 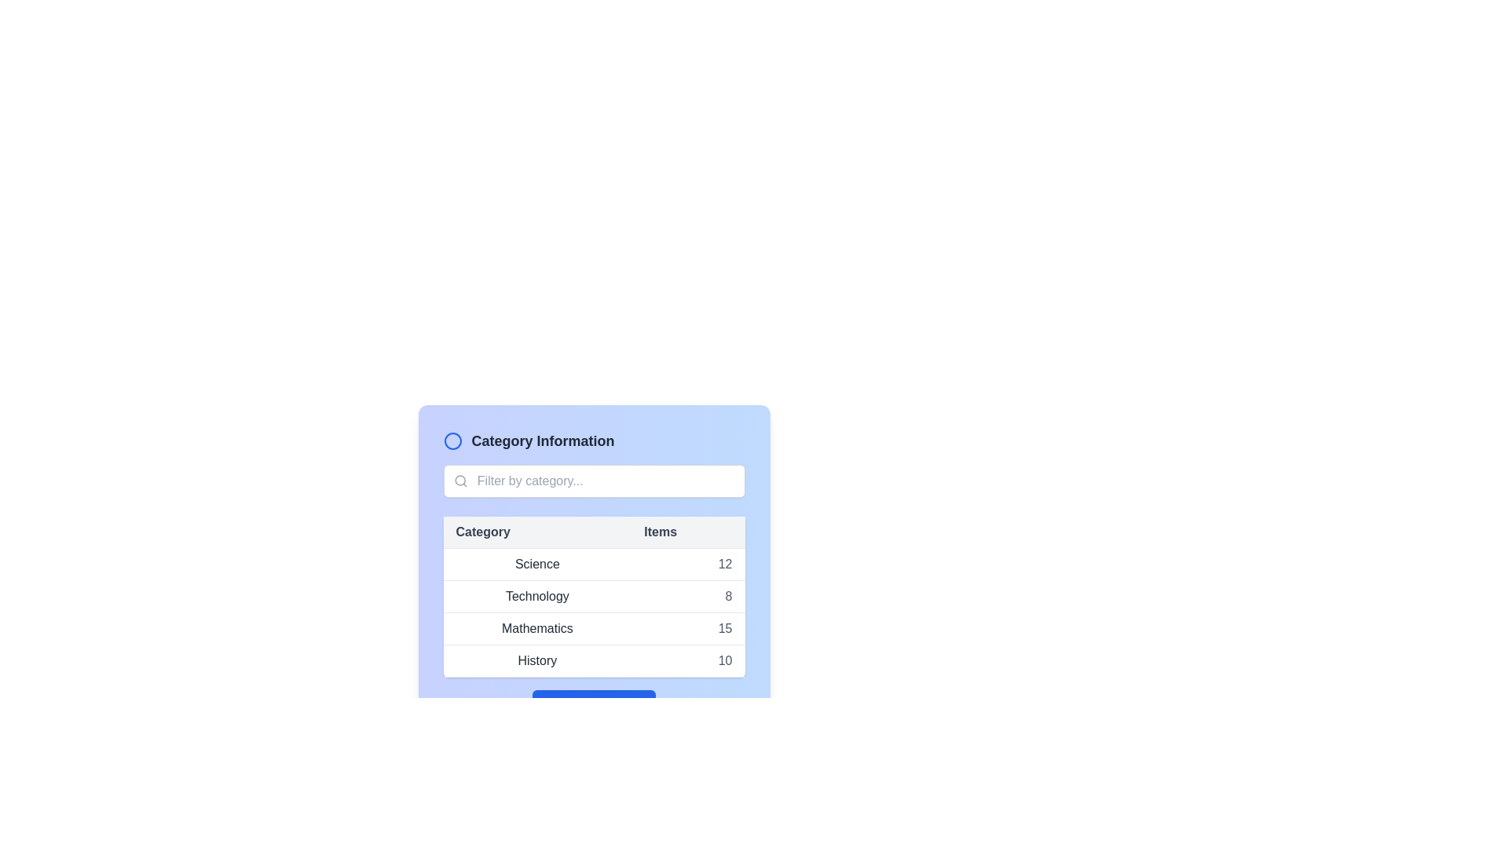 What do you see at coordinates (593, 704) in the screenshot?
I see `the rectangular button with a blue background and white text that reads 'Show Details', located at the bottom of the card layout` at bounding box center [593, 704].